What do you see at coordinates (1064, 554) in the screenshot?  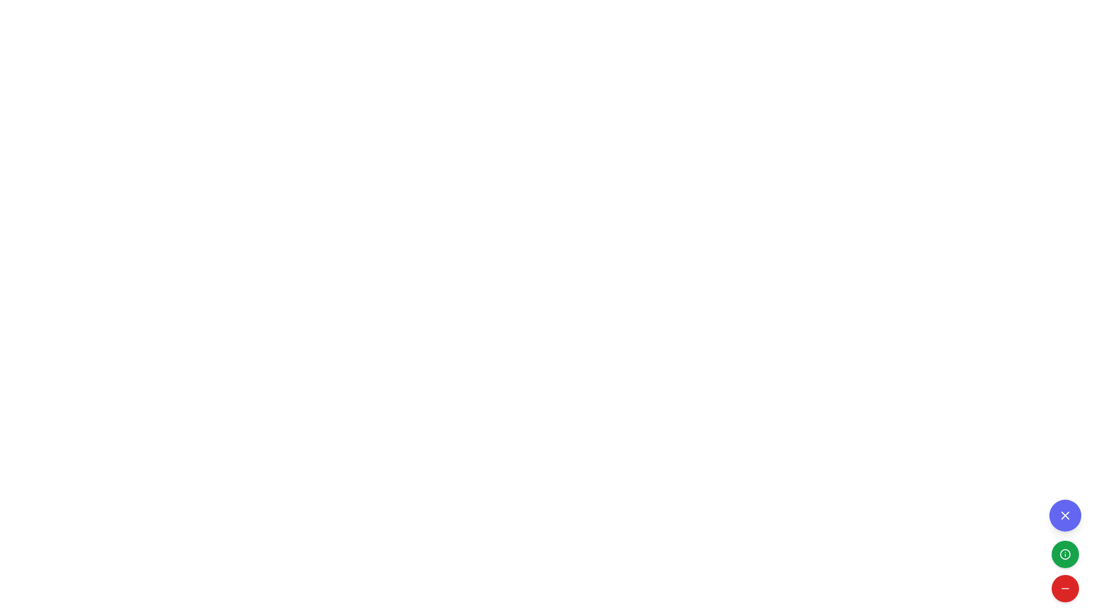 I see `the central circular component of the SVG icon, which serves as a decorative or structural element within the icon` at bounding box center [1064, 554].